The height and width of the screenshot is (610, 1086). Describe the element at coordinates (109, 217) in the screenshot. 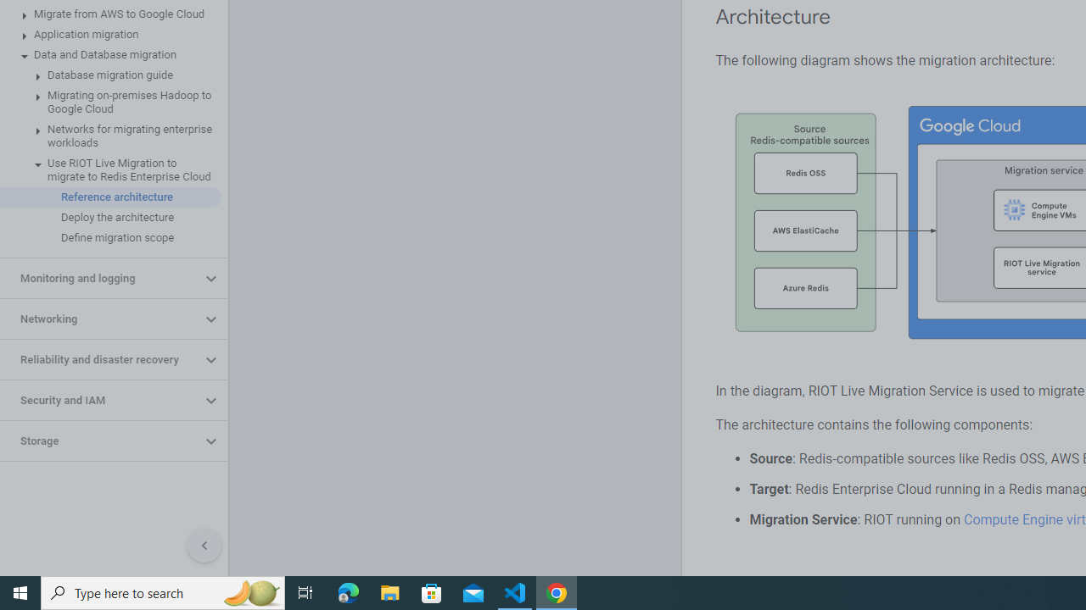

I see `'Deploy the architecture'` at that location.